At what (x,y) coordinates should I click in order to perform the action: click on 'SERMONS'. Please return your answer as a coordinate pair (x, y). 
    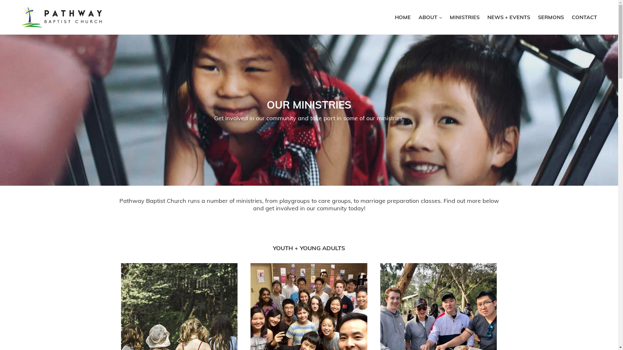
    Looking at the image, I should click on (551, 17).